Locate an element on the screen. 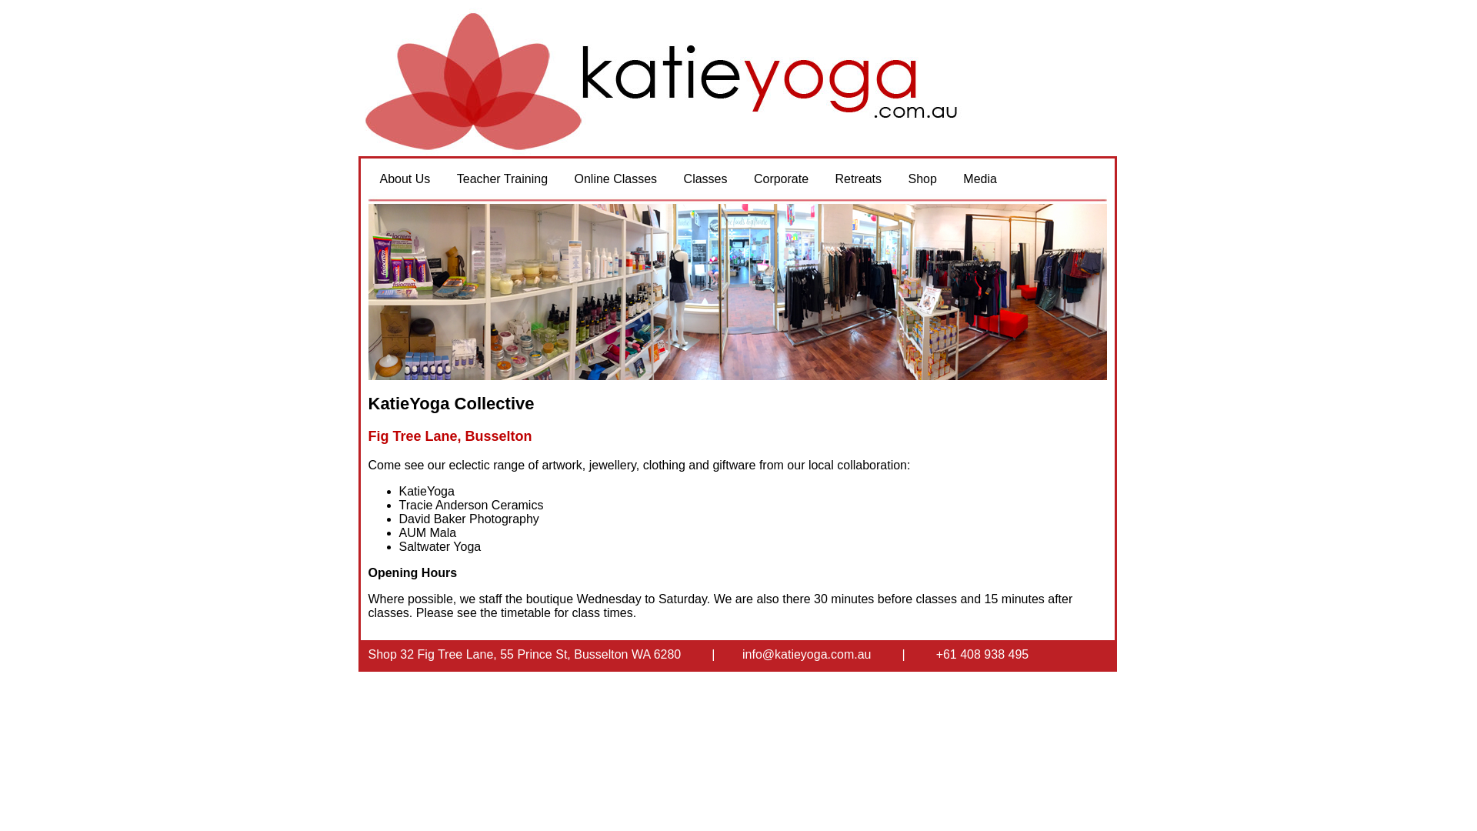 The width and height of the screenshot is (1477, 831). 'Retreats' is located at coordinates (858, 178).